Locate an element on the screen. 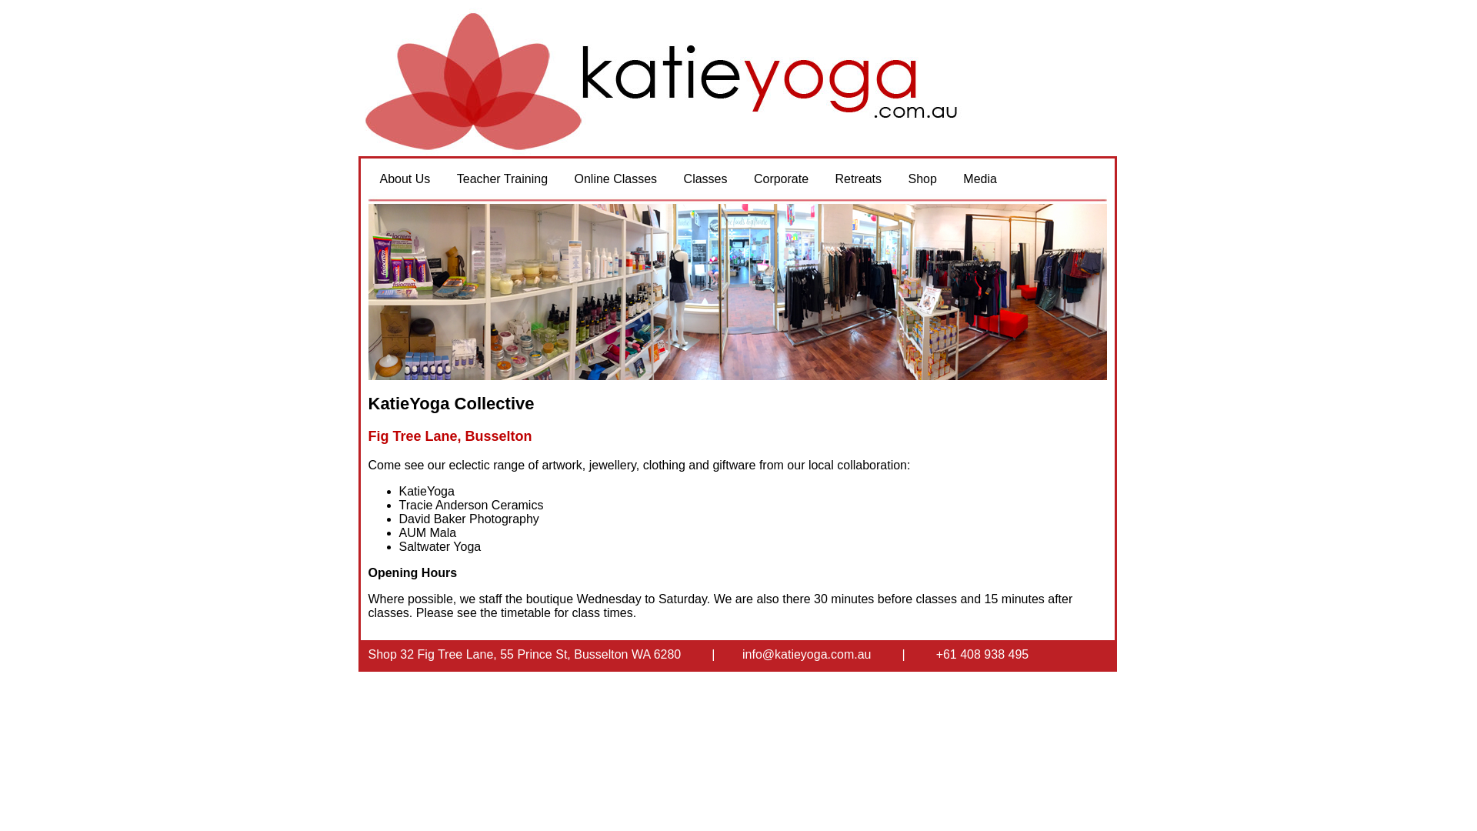 The width and height of the screenshot is (1477, 831). 'Retreats' is located at coordinates (858, 178).